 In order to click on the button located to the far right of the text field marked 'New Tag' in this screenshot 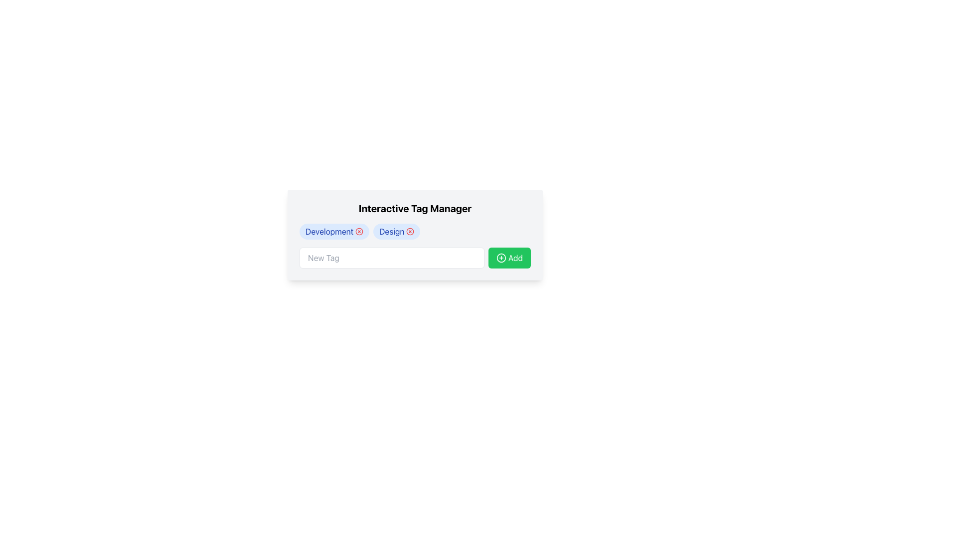, I will do `click(509, 257)`.